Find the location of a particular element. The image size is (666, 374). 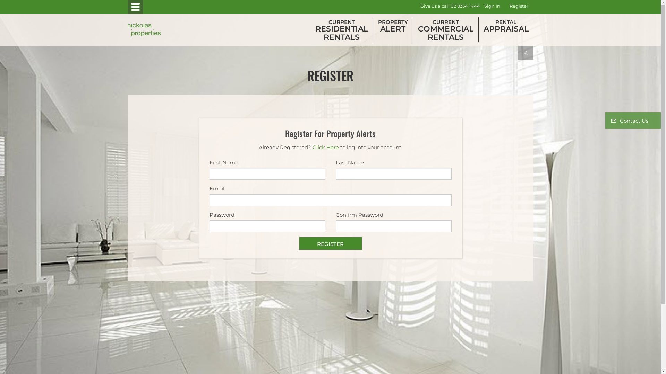

'PROPERTY is located at coordinates (393, 25).